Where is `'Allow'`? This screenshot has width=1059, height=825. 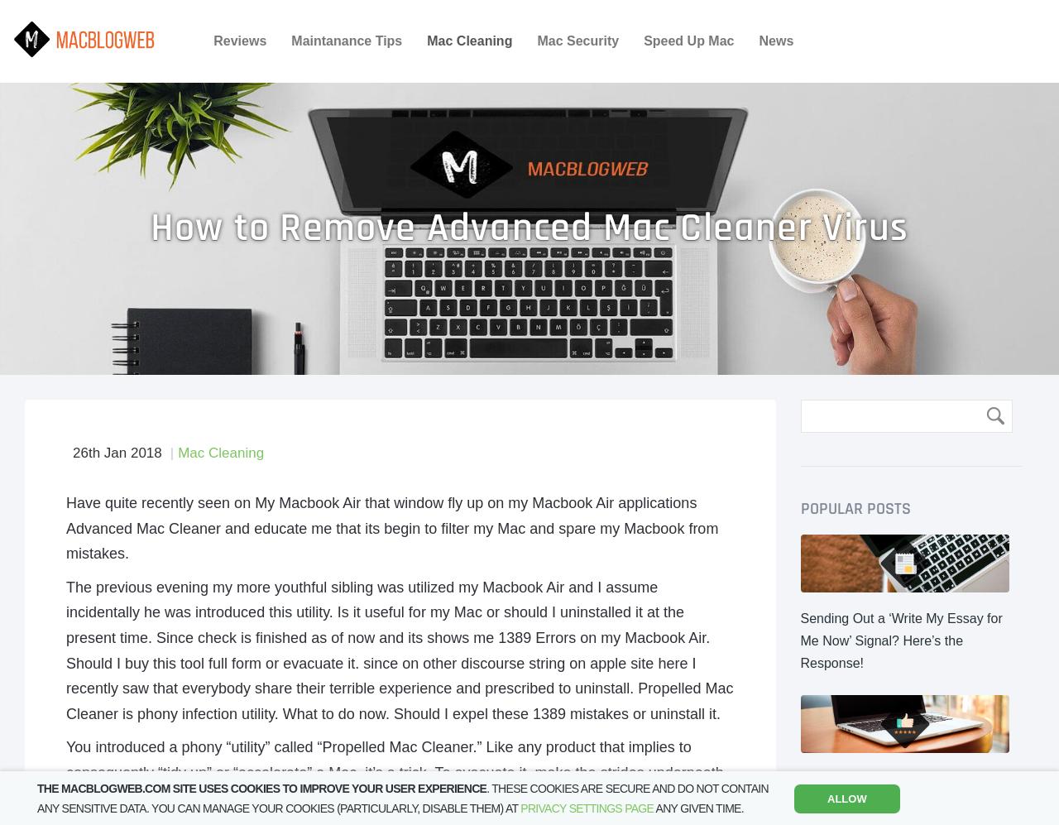
'Allow' is located at coordinates (827, 798).